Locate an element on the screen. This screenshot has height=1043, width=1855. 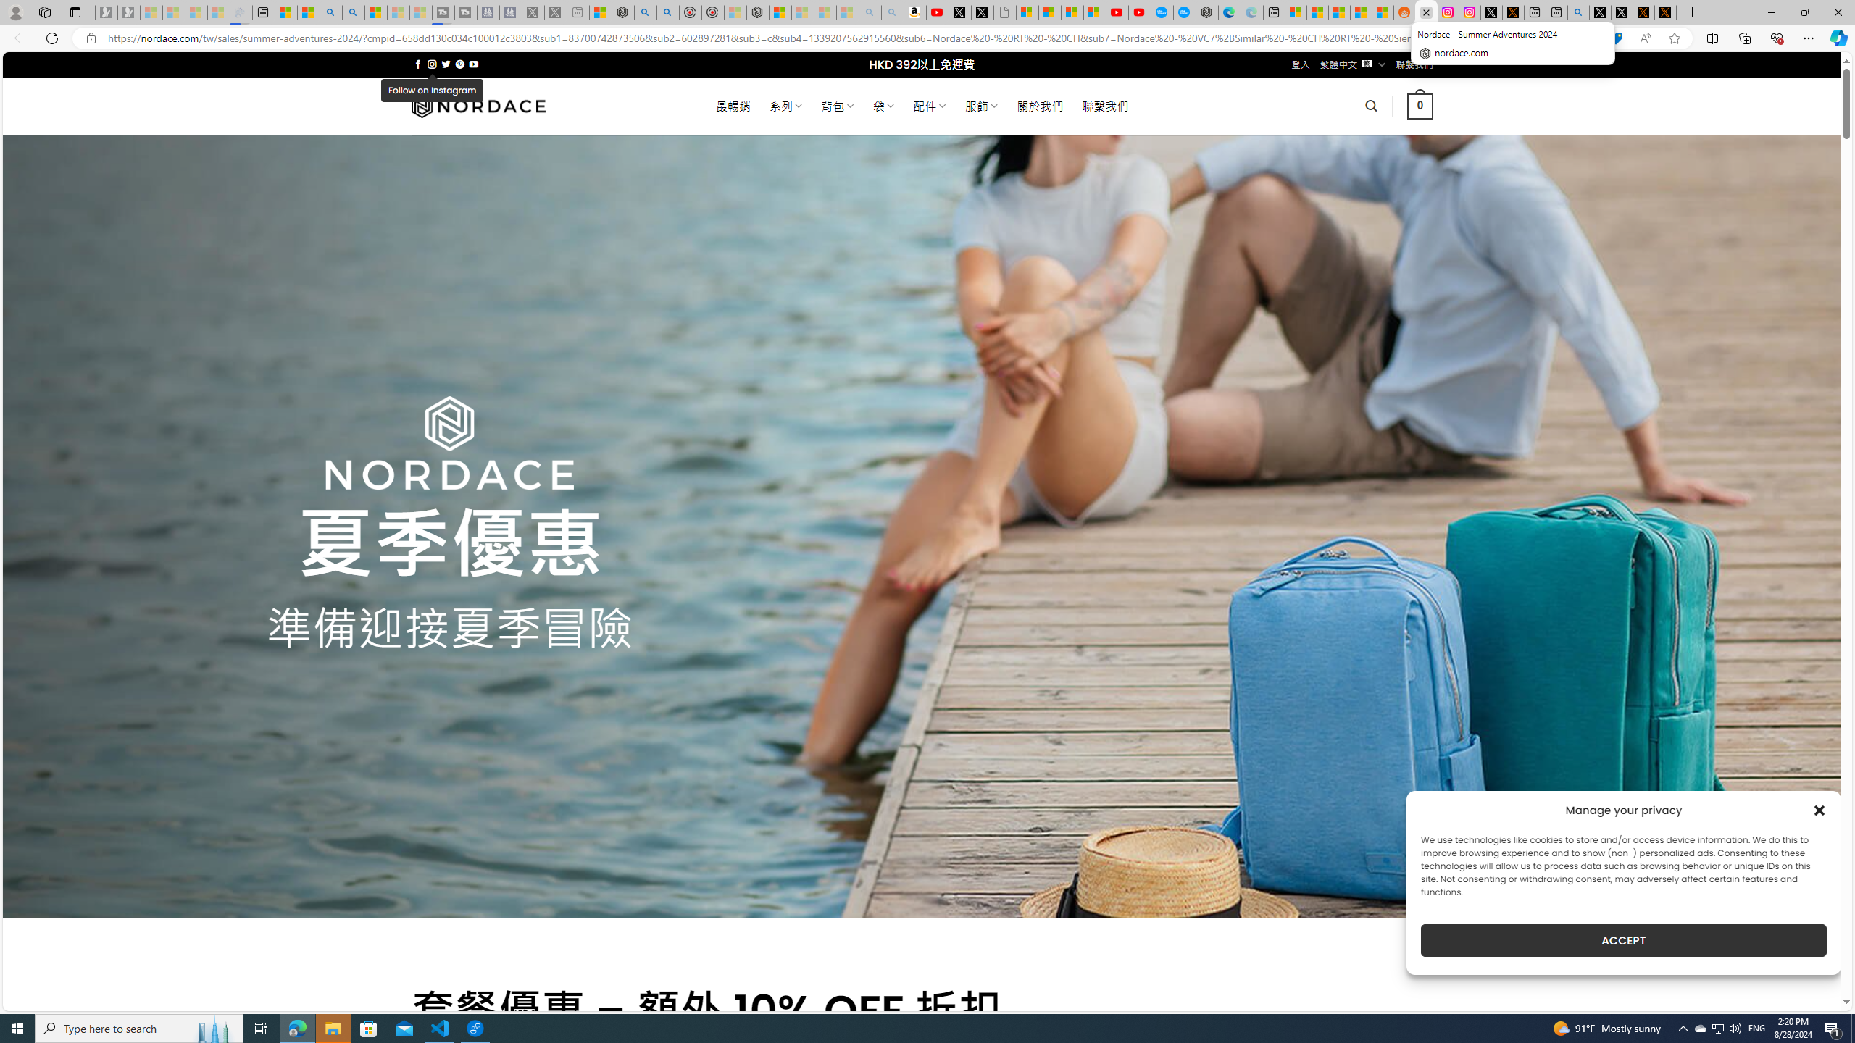
'Refresh' is located at coordinates (51, 37).